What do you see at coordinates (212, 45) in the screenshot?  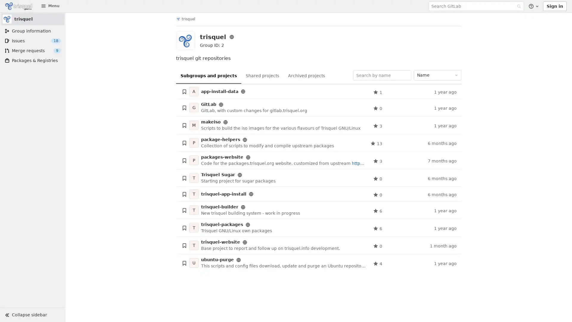 I see `Copy group ID` at bounding box center [212, 45].